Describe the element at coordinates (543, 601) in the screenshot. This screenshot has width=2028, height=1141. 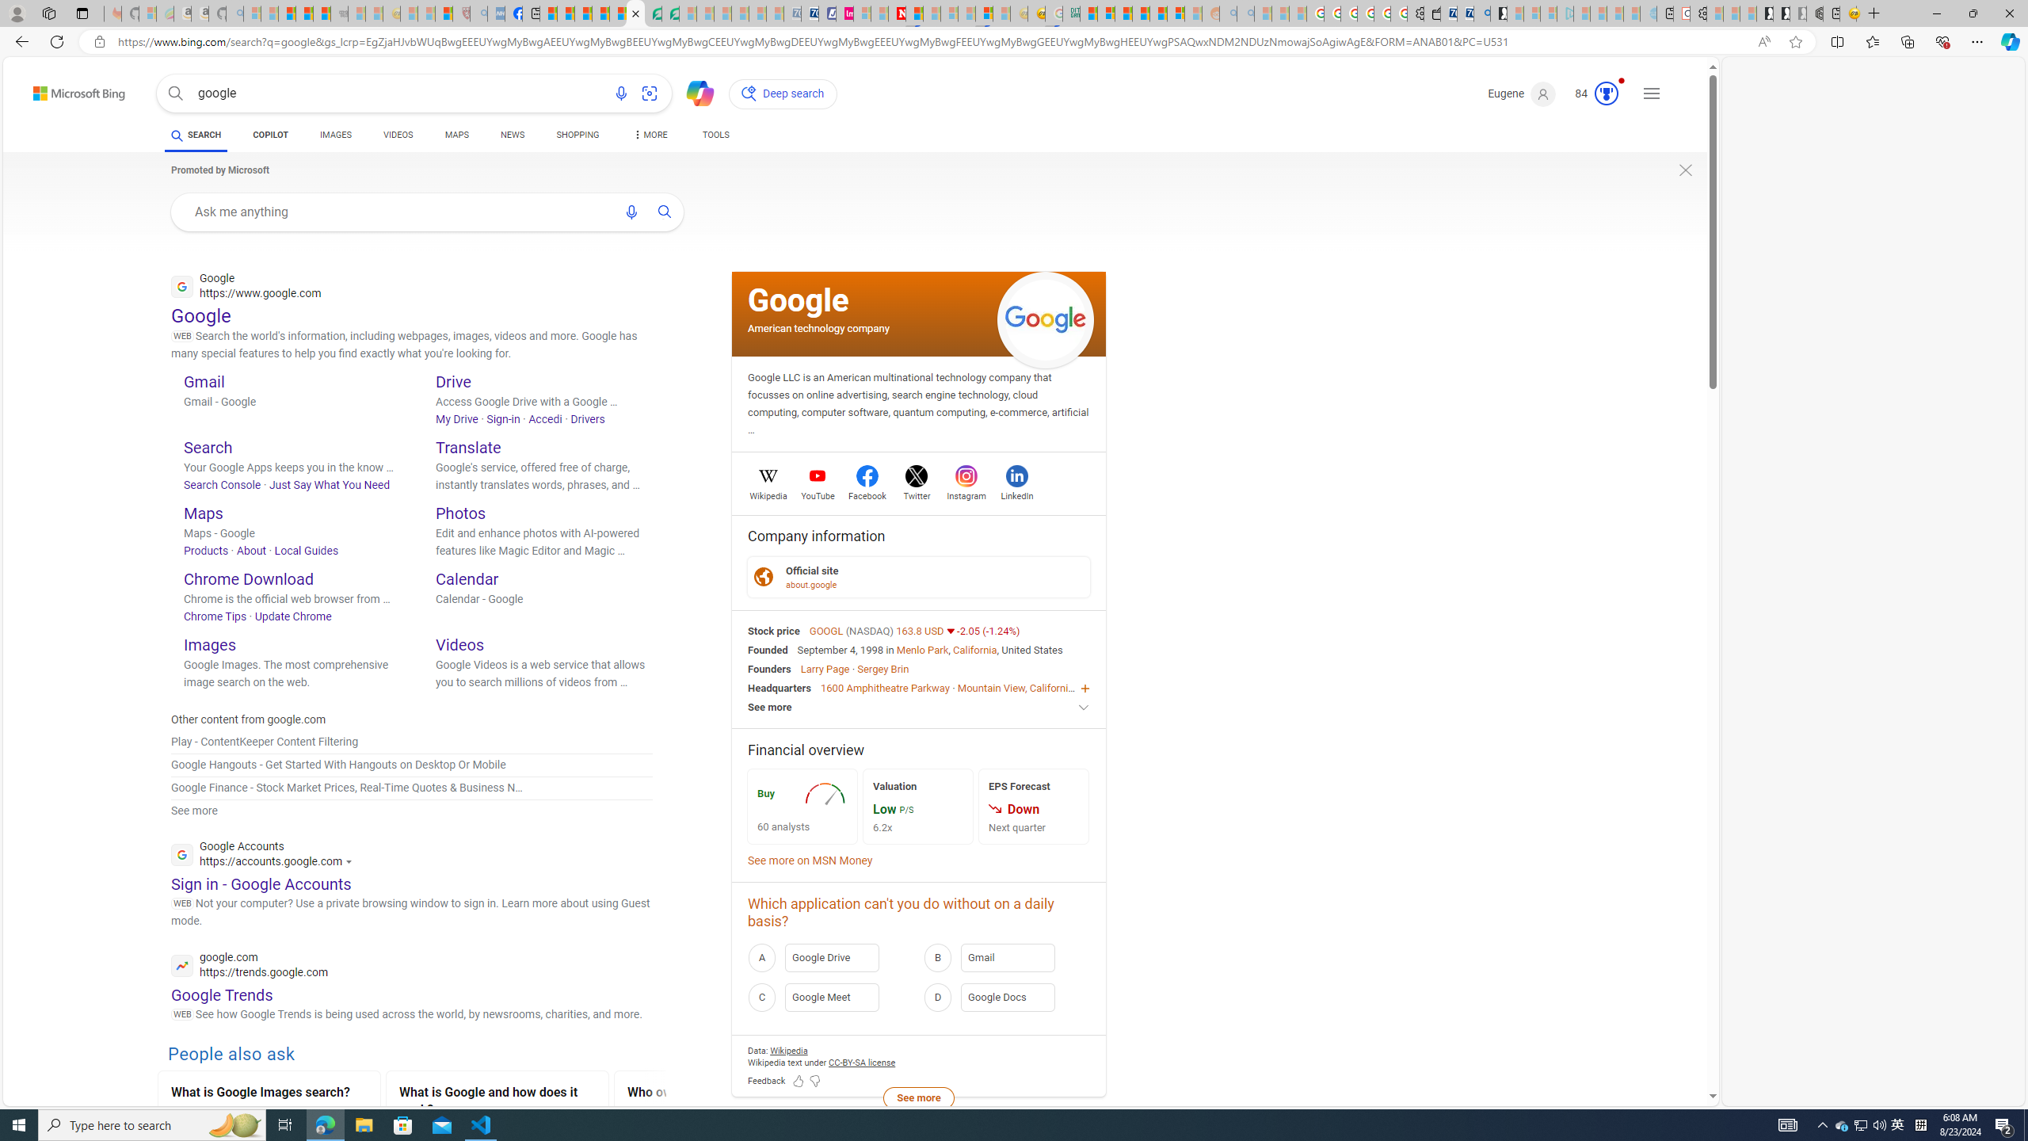
I see `'CalendarCalendar - Google'` at that location.